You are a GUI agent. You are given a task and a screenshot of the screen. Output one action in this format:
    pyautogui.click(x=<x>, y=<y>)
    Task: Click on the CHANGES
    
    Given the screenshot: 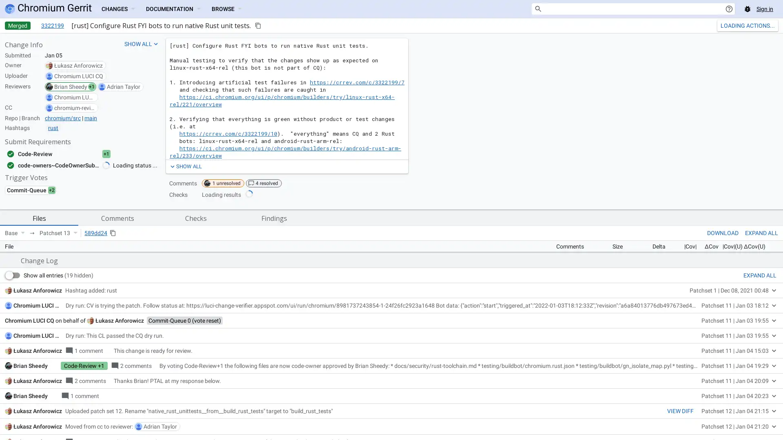 What is the action you would take?
    pyautogui.click(x=117, y=9)
    